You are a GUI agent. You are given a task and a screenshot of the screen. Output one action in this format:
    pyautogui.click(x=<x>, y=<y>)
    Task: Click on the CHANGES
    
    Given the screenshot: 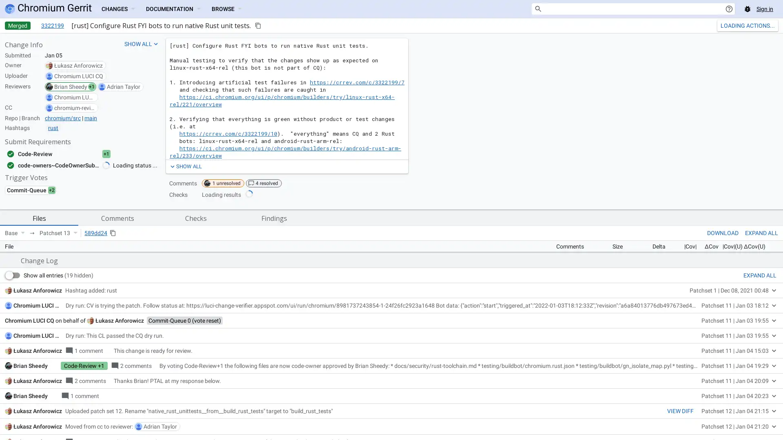 What is the action you would take?
    pyautogui.click(x=117, y=9)
    